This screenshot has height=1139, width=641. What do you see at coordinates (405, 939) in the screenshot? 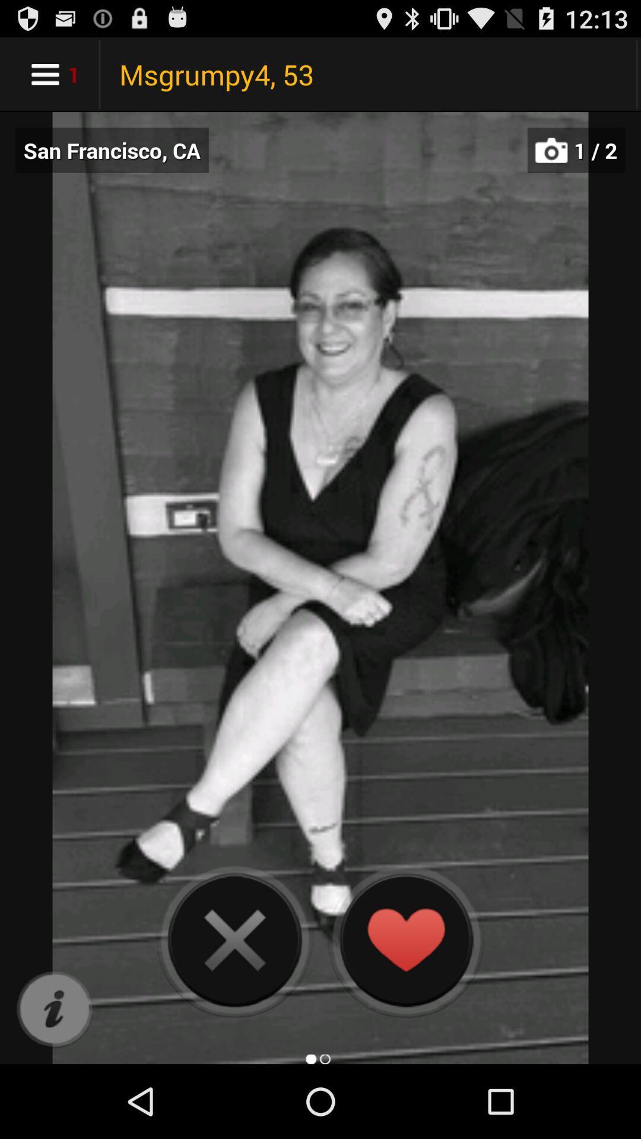
I see `yes` at bounding box center [405, 939].